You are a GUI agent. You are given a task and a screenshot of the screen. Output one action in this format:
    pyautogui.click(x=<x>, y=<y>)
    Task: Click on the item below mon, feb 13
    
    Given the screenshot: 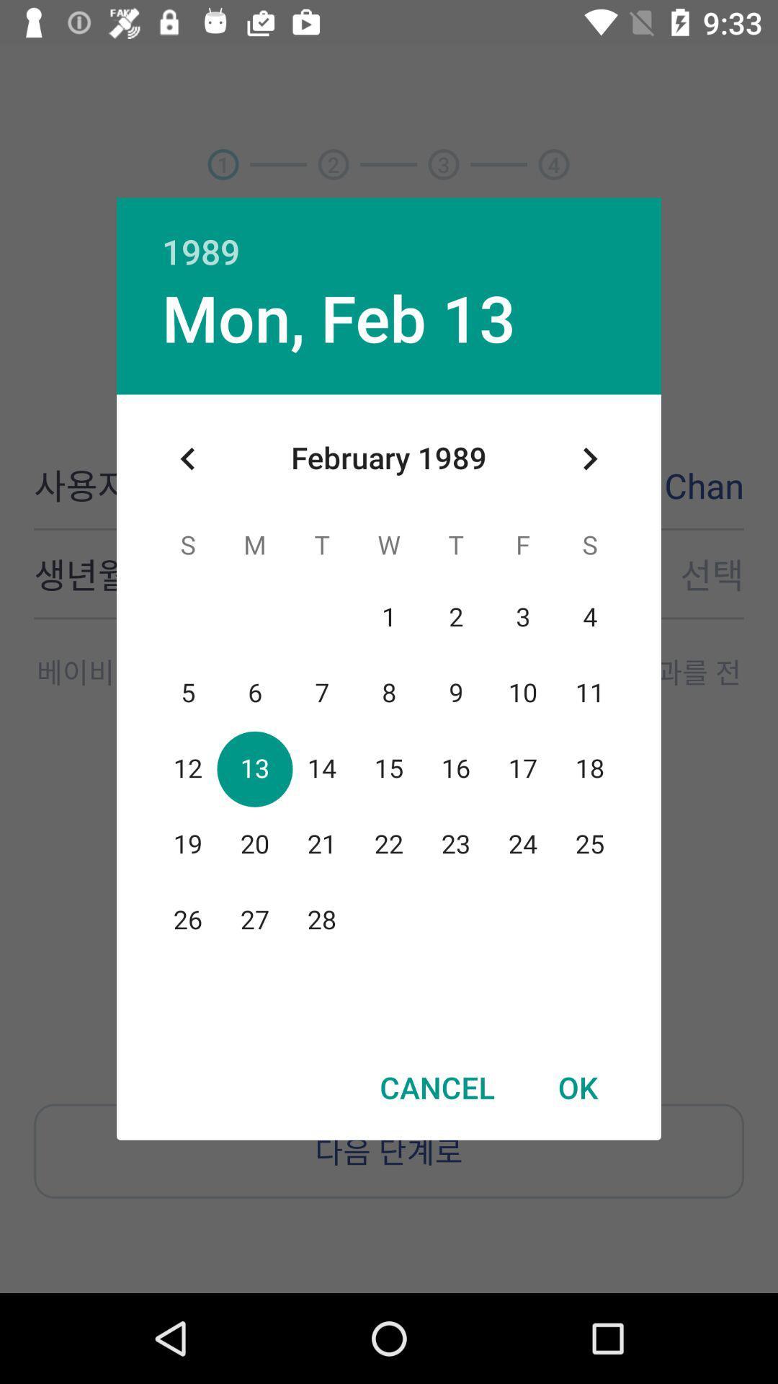 What is the action you would take?
    pyautogui.click(x=187, y=458)
    